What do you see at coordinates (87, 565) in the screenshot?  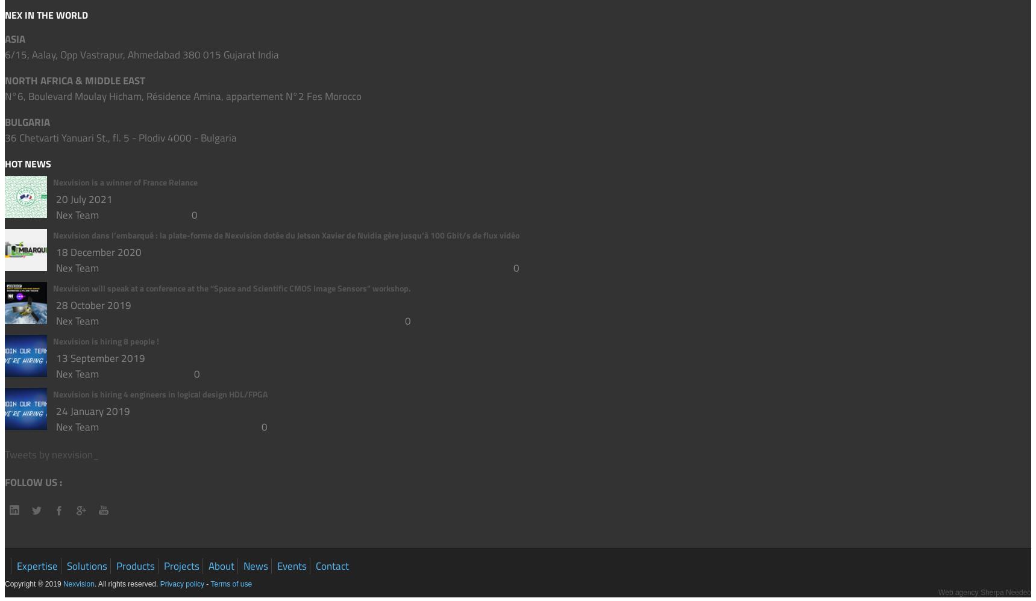 I see `'Solutions'` at bounding box center [87, 565].